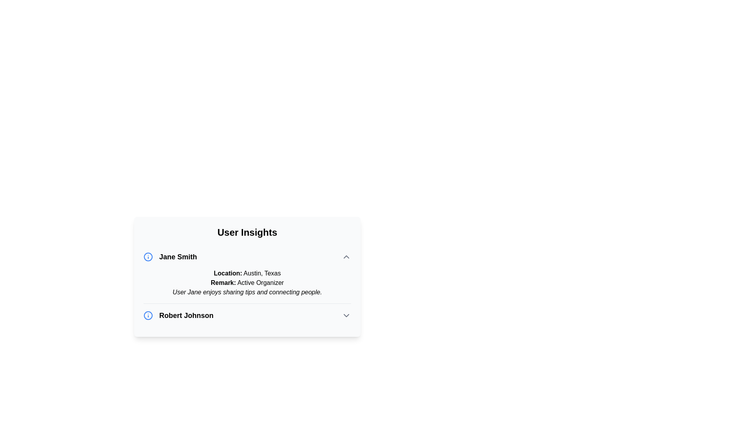  What do you see at coordinates (148, 315) in the screenshot?
I see `the circle within the information icon, which is styled with blue lines and located to the left of the text 'Jane Smith' in the 'User Insights' panel` at bounding box center [148, 315].